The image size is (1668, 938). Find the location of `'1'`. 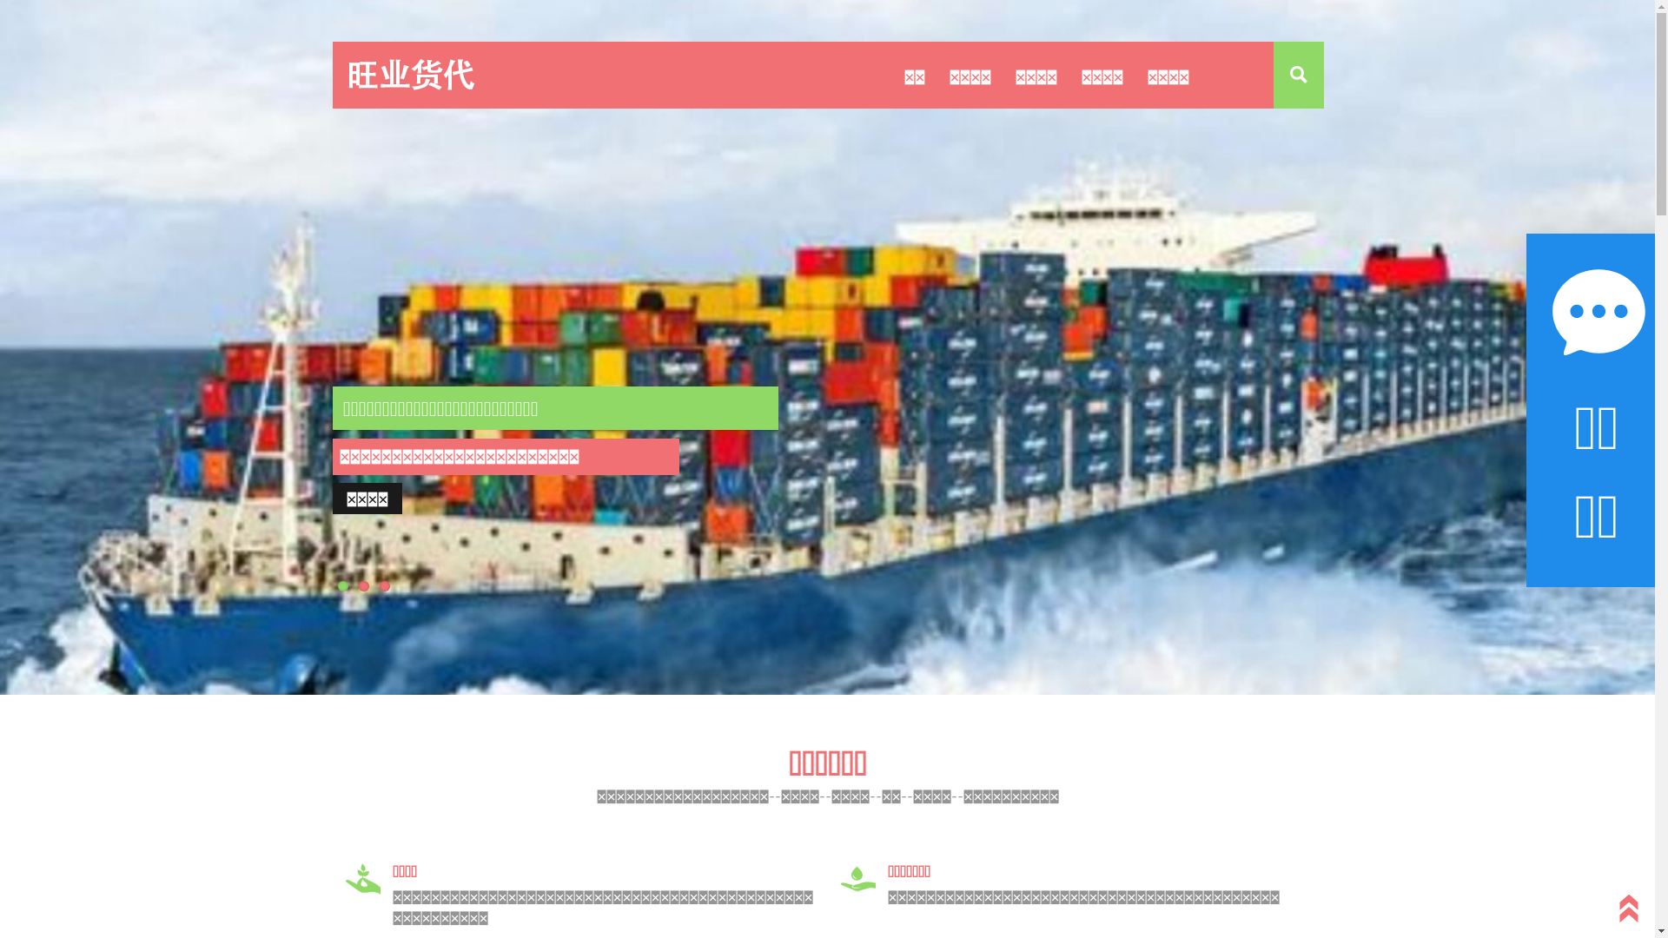

'1' is located at coordinates (337, 586).